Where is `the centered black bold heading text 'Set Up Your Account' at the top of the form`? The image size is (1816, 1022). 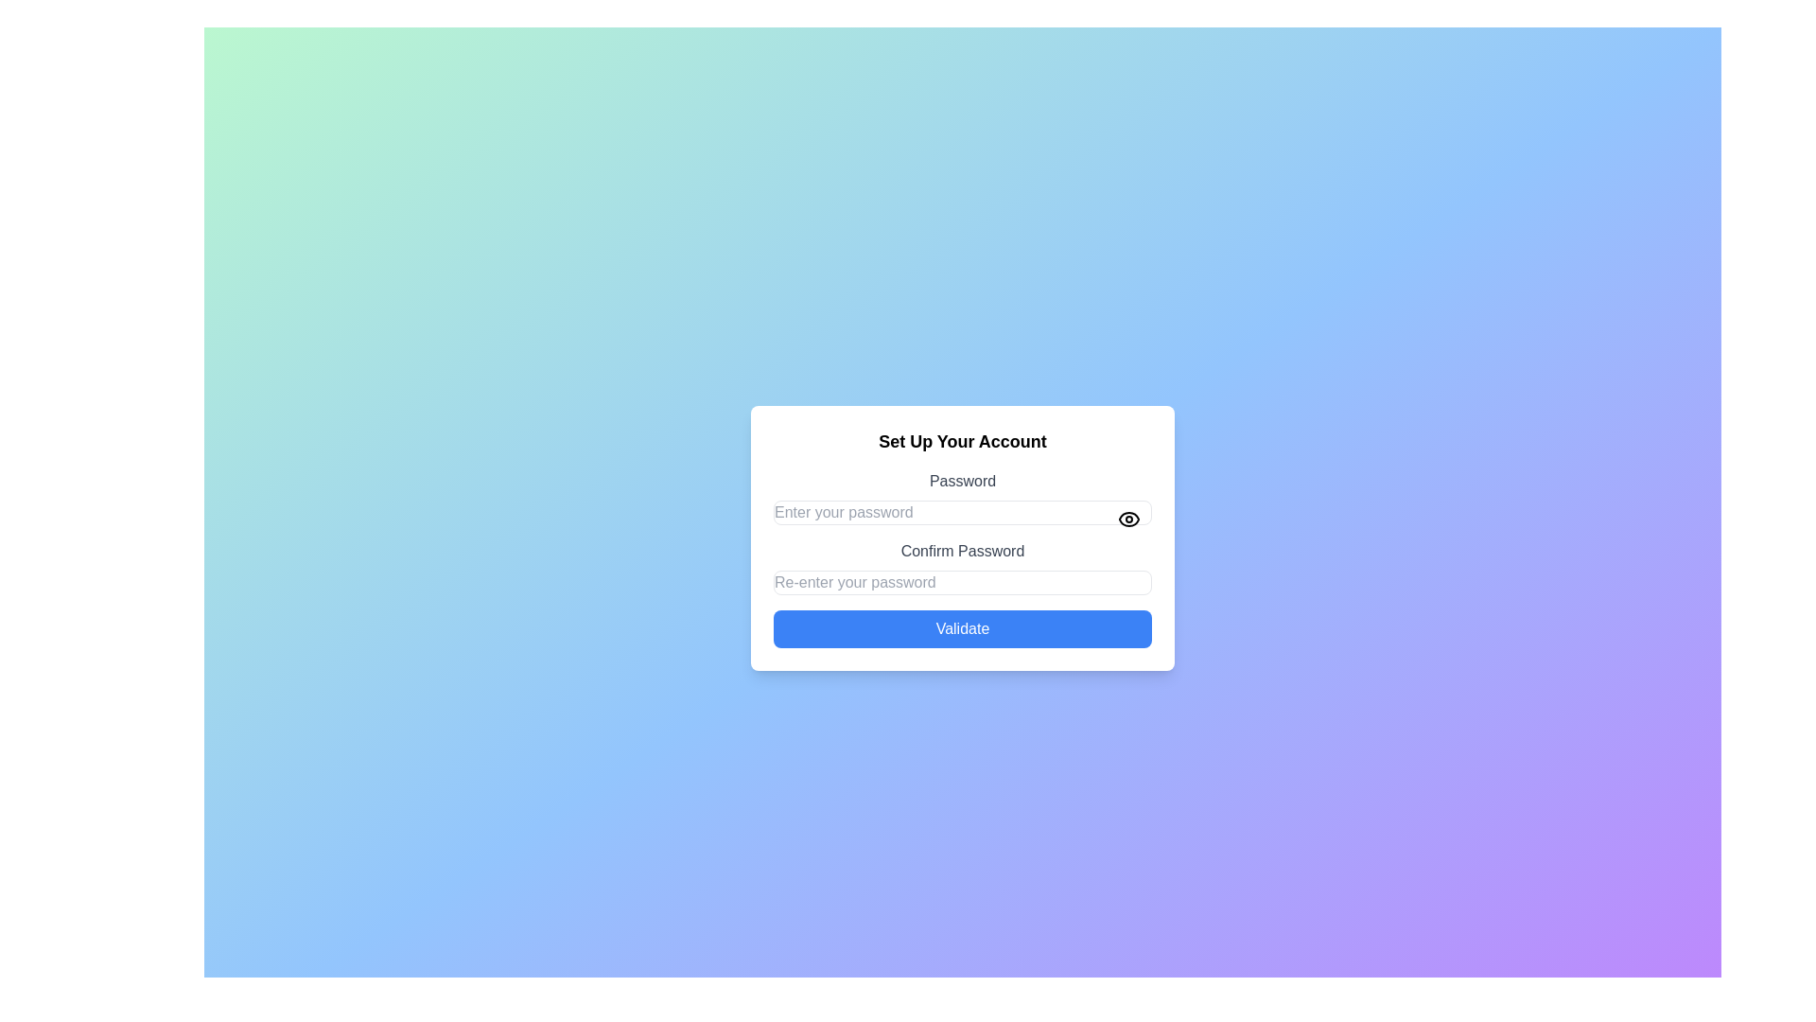 the centered black bold heading text 'Set Up Your Account' at the top of the form is located at coordinates (962, 441).